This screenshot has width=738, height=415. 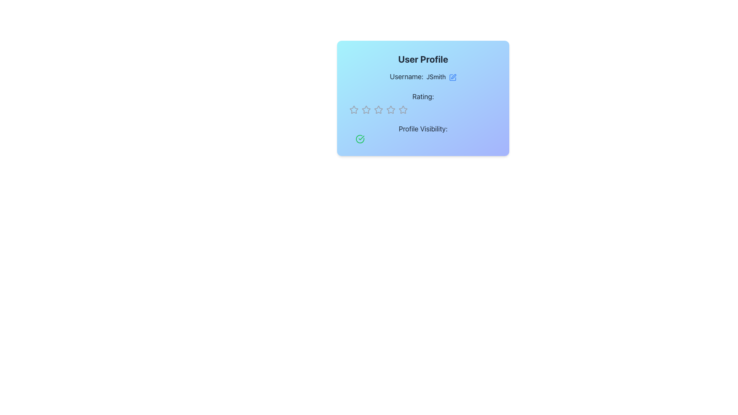 I want to click on the sixth star, so click(x=391, y=110).